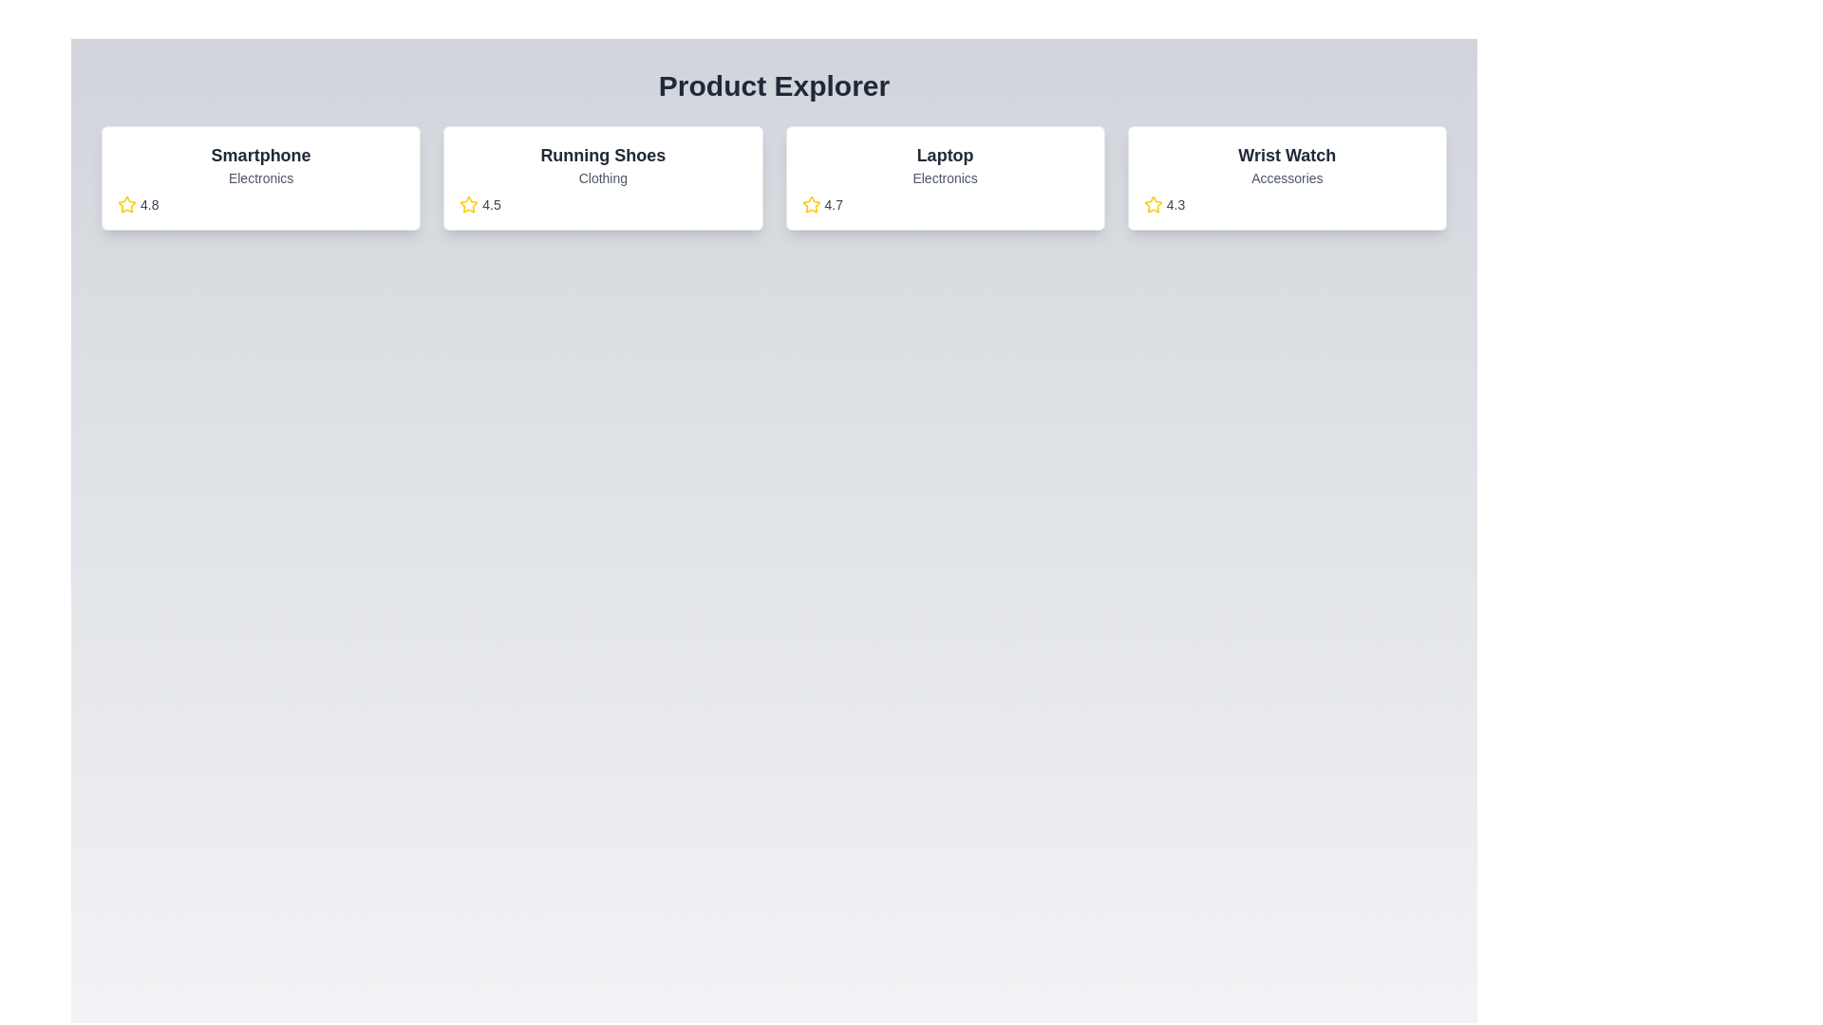 This screenshot has width=1823, height=1025. I want to click on the Interactive Card element displaying 'Laptop' with a rating of '4.7' and a star icon, located in the grid layout, so click(945, 178).